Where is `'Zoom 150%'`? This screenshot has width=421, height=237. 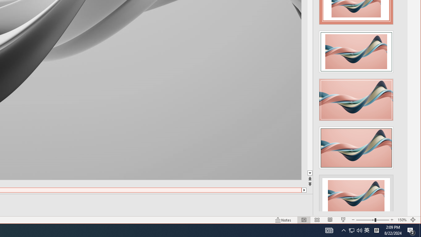
'Zoom 150%' is located at coordinates (402, 220).